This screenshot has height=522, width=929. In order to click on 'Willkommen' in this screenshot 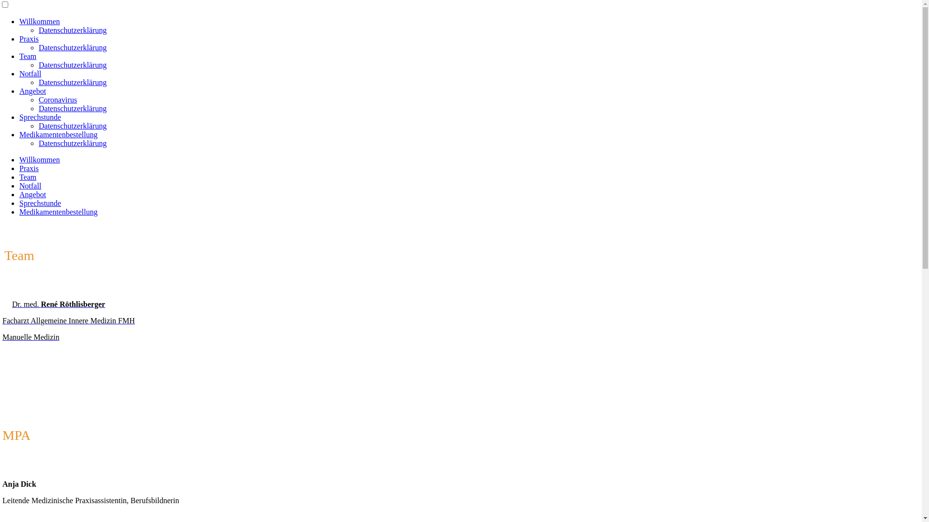, I will do `click(39, 21)`.